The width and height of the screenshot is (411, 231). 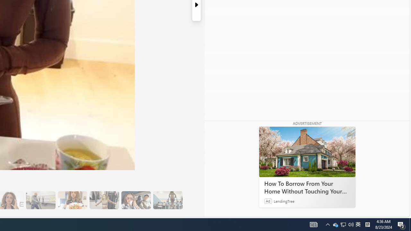 What do you see at coordinates (40, 200) in the screenshot?
I see `'13 Her Husband Does Group Cardio Classs'` at bounding box center [40, 200].